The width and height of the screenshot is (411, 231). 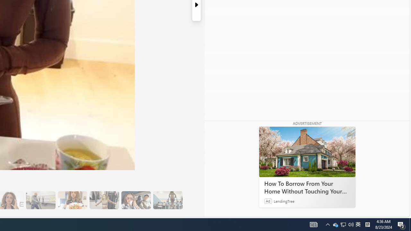 What do you see at coordinates (40, 200) in the screenshot?
I see `'13 Her Husband Does Group Cardio Classs'` at bounding box center [40, 200].